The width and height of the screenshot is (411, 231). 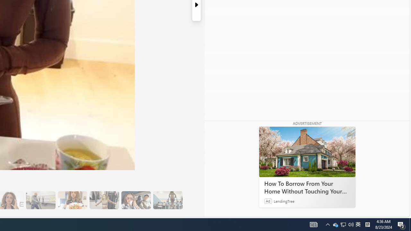 What do you see at coordinates (40, 200) in the screenshot?
I see `'13 Her Husband Does Group Cardio Classs'` at bounding box center [40, 200].